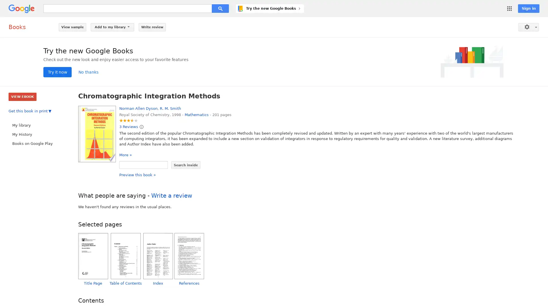 The height and width of the screenshot is (308, 548). I want to click on Google apps, so click(509, 9).